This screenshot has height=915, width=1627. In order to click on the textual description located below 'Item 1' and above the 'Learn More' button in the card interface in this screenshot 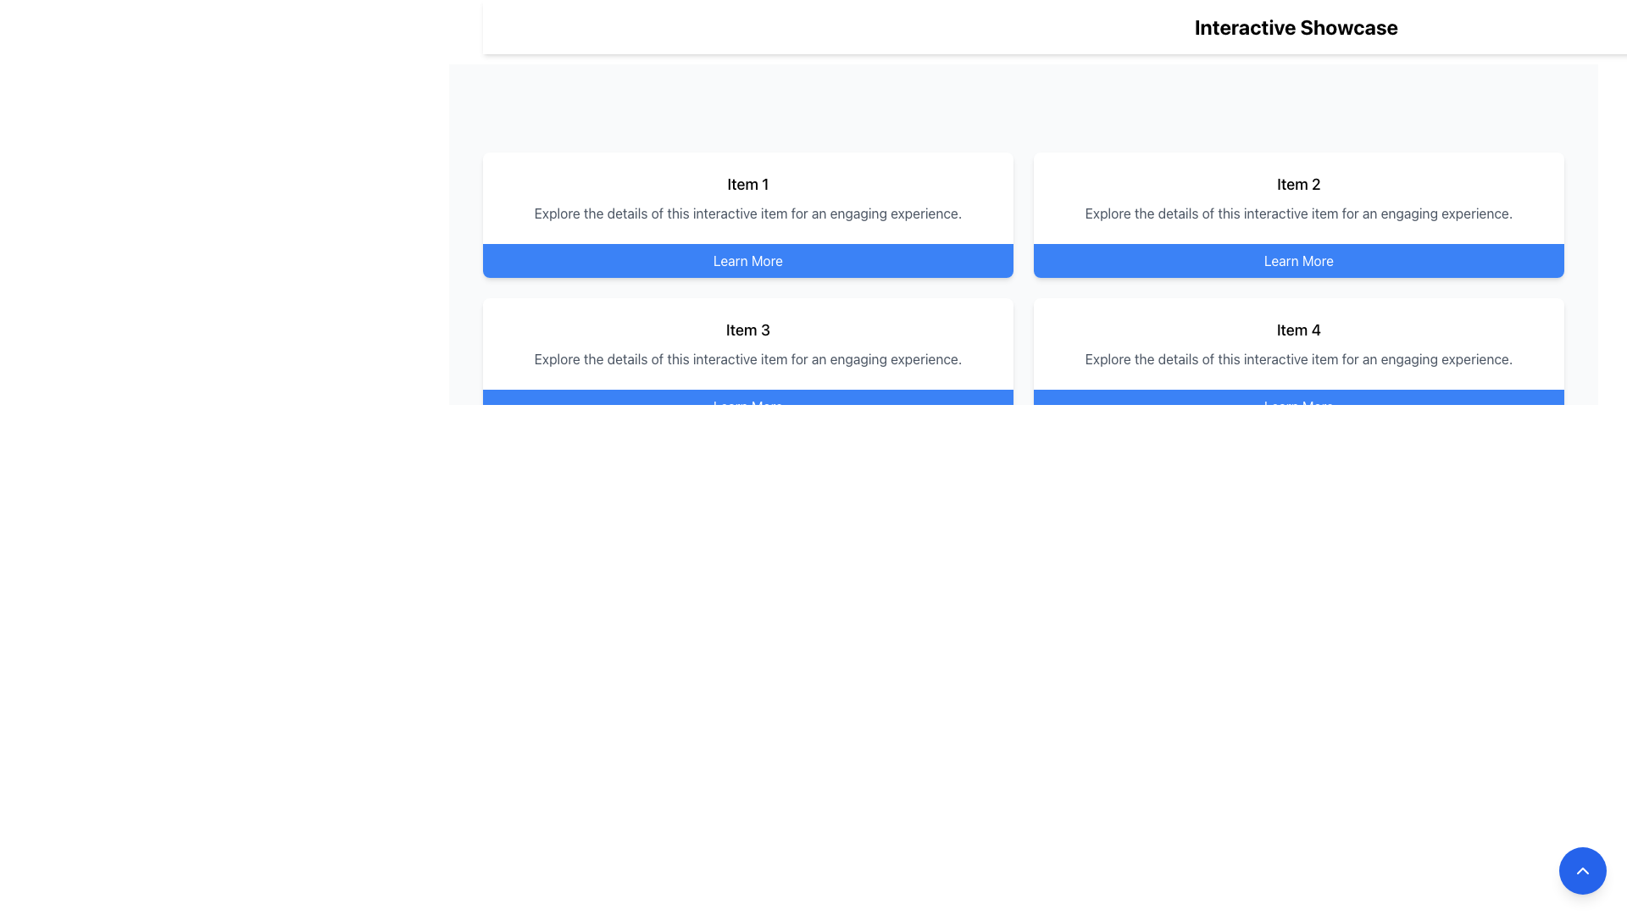, I will do `click(747, 212)`.